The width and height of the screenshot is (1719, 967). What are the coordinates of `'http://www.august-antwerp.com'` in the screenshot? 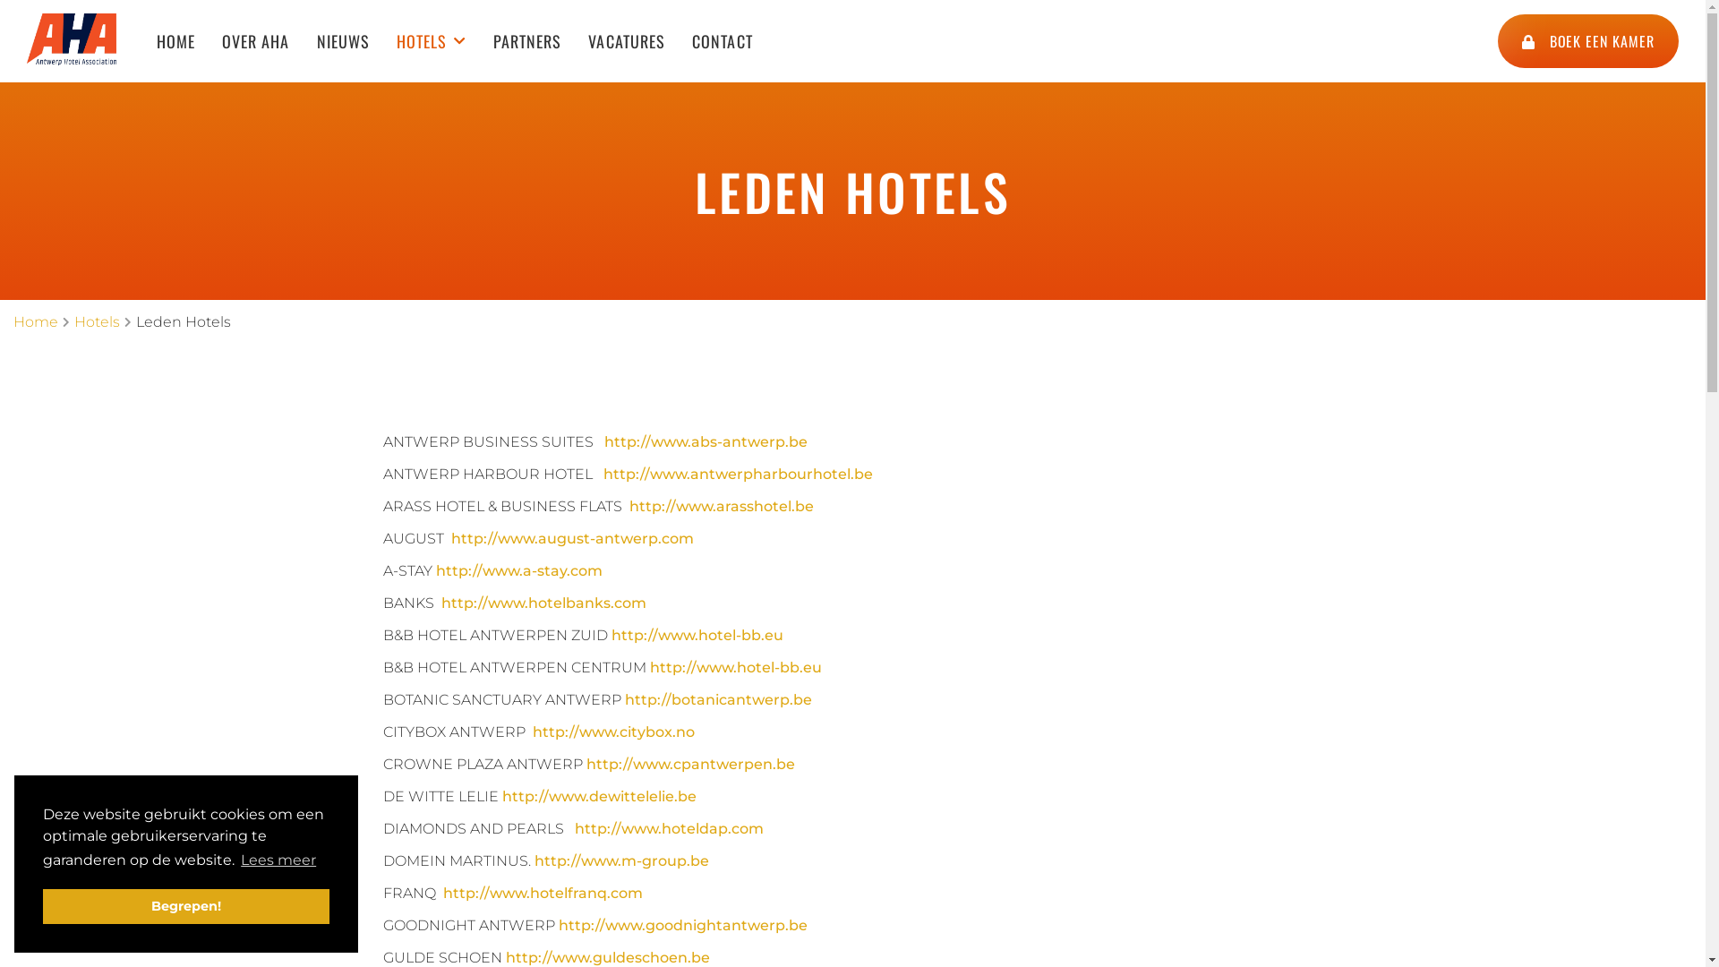 It's located at (571, 537).